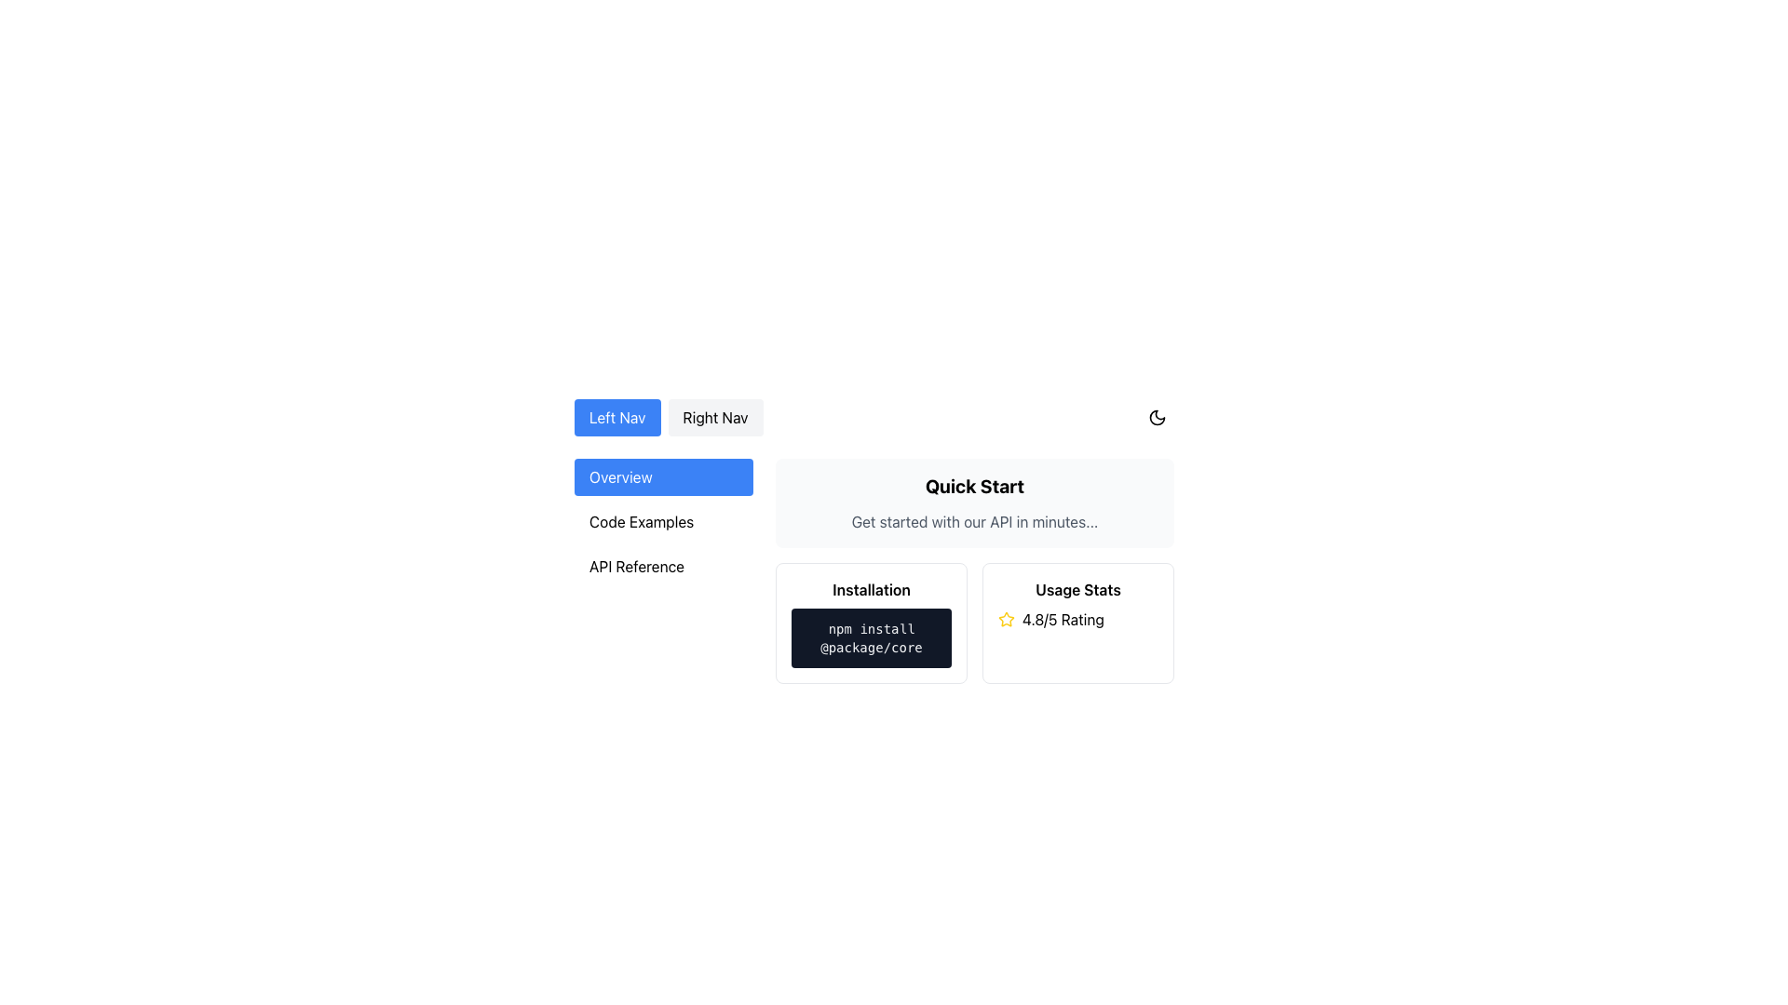 The image size is (1788, 1005). Describe the element at coordinates (871, 637) in the screenshot. I see `the text block containing the command 'npm install @package/core', which has a dark gray background and light gray text, positioned within the 'Installation' card` at that location.